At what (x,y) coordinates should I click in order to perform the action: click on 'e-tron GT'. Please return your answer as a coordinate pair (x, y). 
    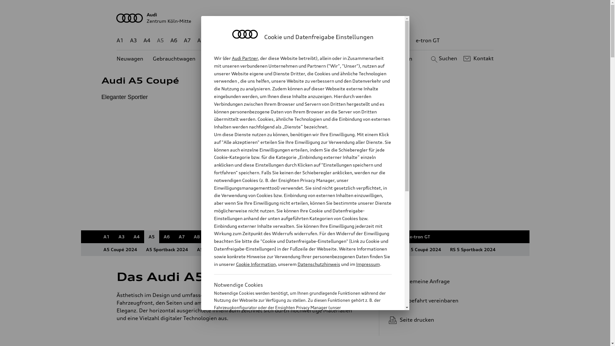
    Looking at the image, I should click on (428, 40).